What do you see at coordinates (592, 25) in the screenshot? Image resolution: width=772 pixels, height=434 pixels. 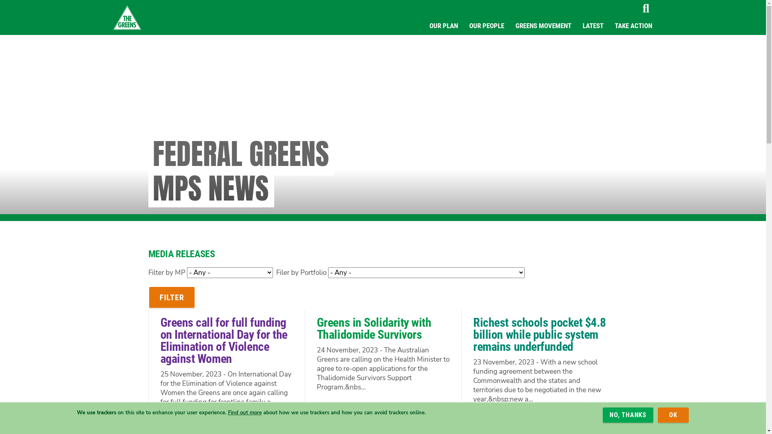 I see `'LATEST'` at bounding box center [592, 25].